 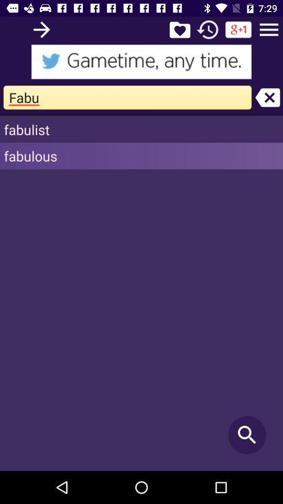 What do you see at coordinates (179, 29) in the screenshot?
I see `favourite search` at bounding box center [179, 29].